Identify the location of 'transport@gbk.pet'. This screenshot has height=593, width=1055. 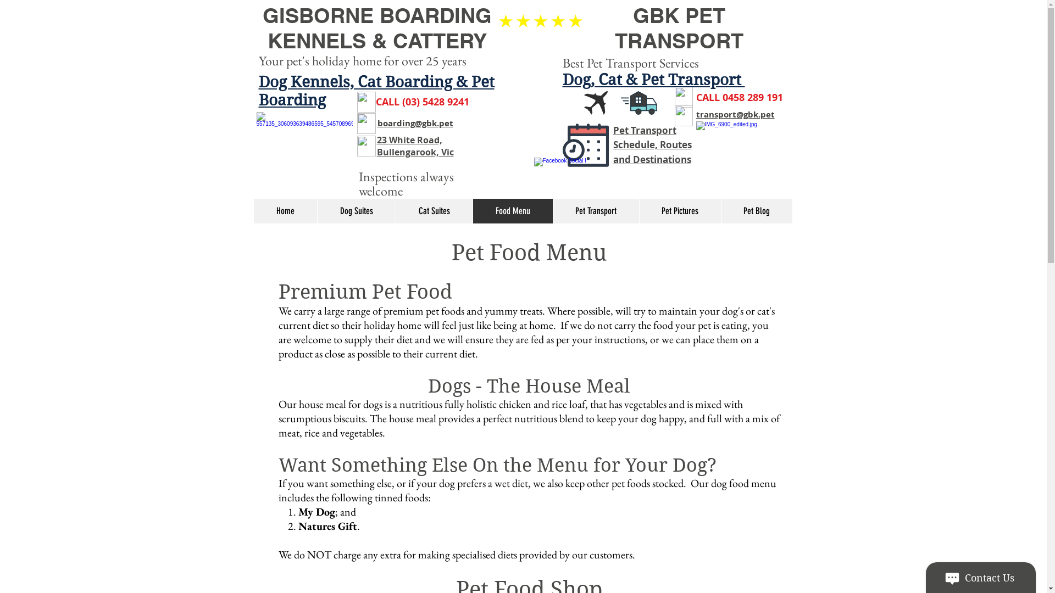
(735, 114).